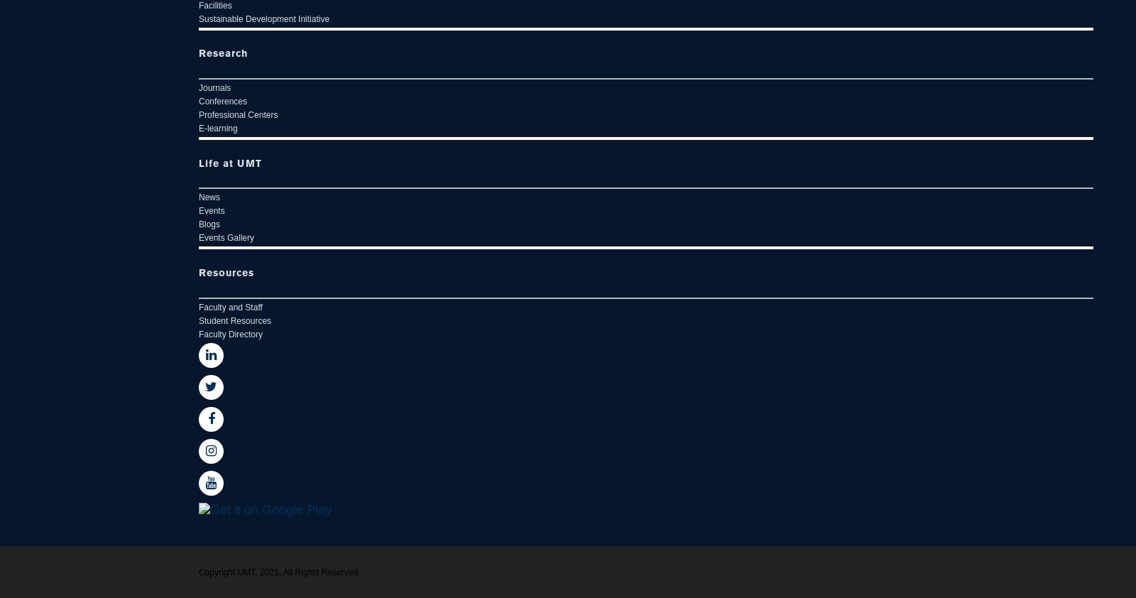  I want to click on 'Copyright UMT, 2021. All Rights Reserved.', so click(279, 572).